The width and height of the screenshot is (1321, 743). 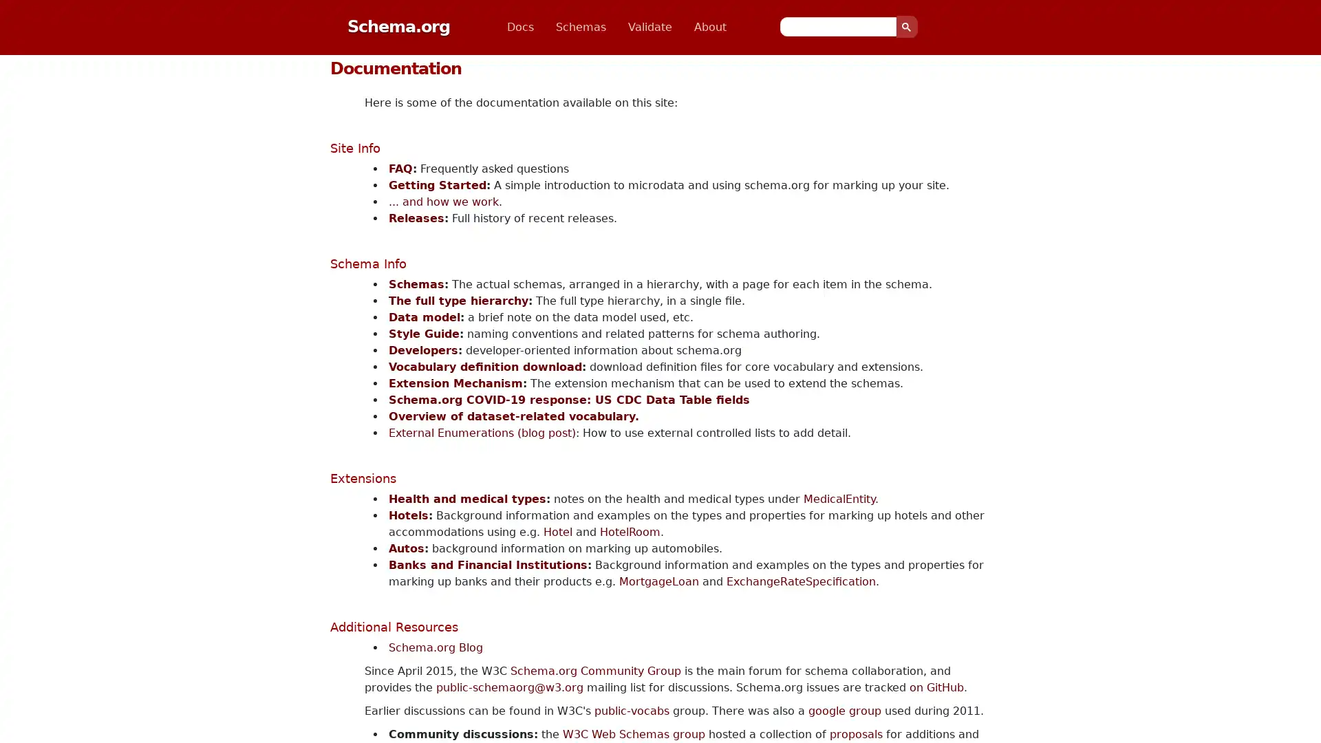 I want to click on search, so click(x=907, y=26).